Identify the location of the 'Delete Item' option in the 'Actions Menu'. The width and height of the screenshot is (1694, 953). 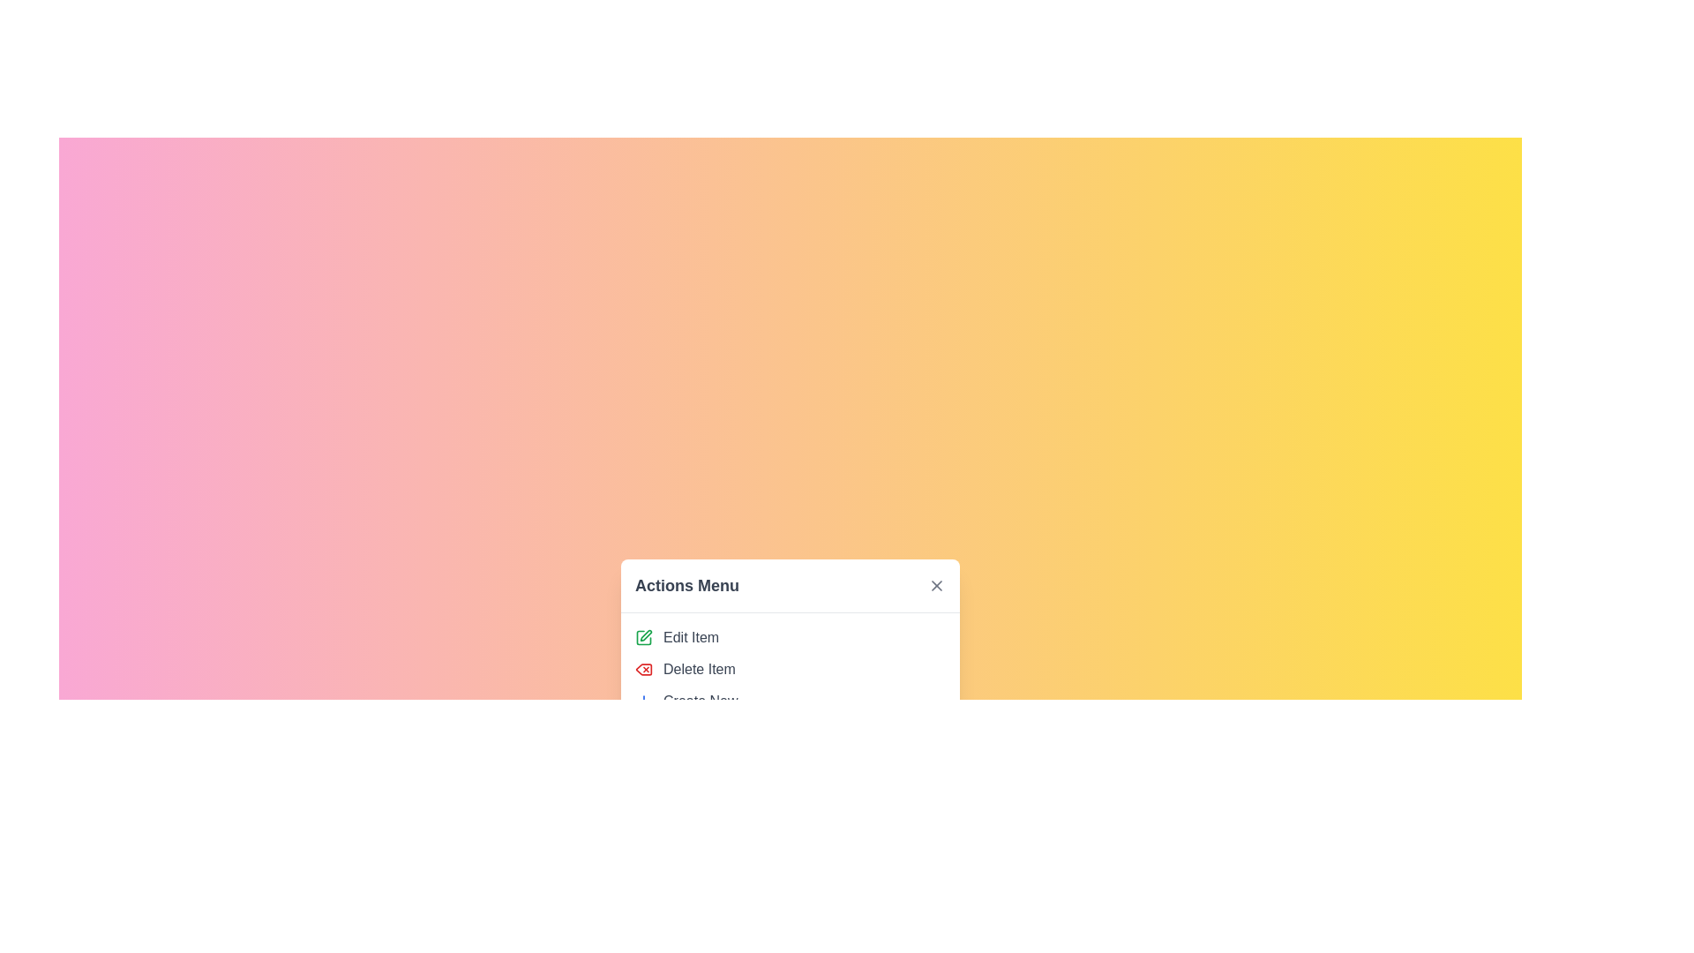
(790, 669).